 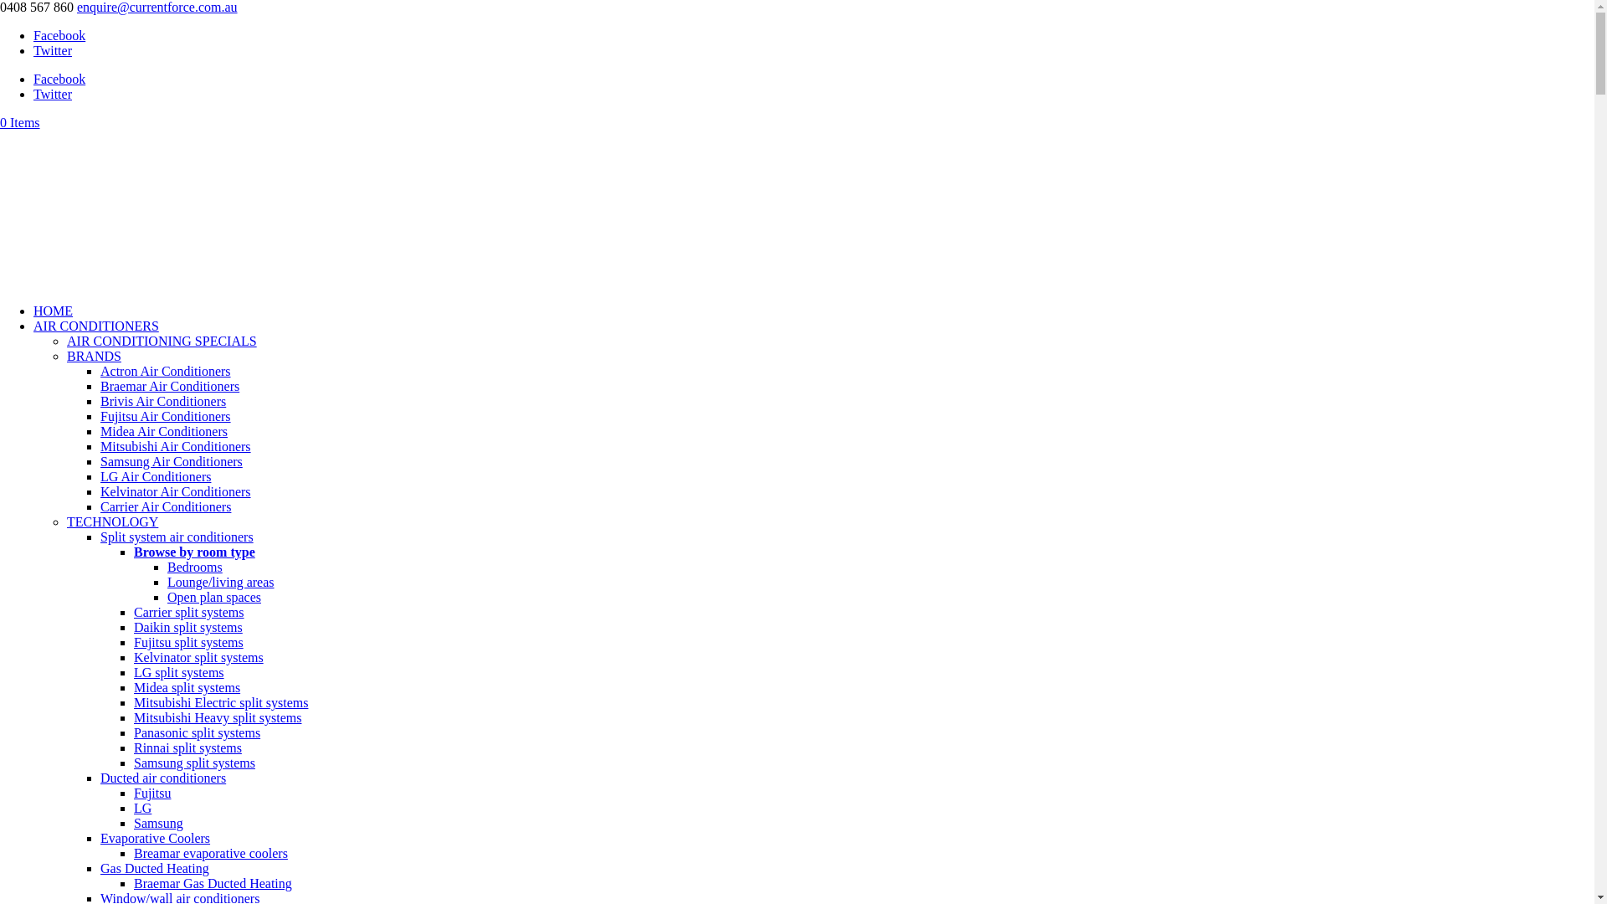 What do you see at coordinates (163, 778) in the screenshot?
I see `'Ducted air conditioners'` at bounding box center [163, 778].